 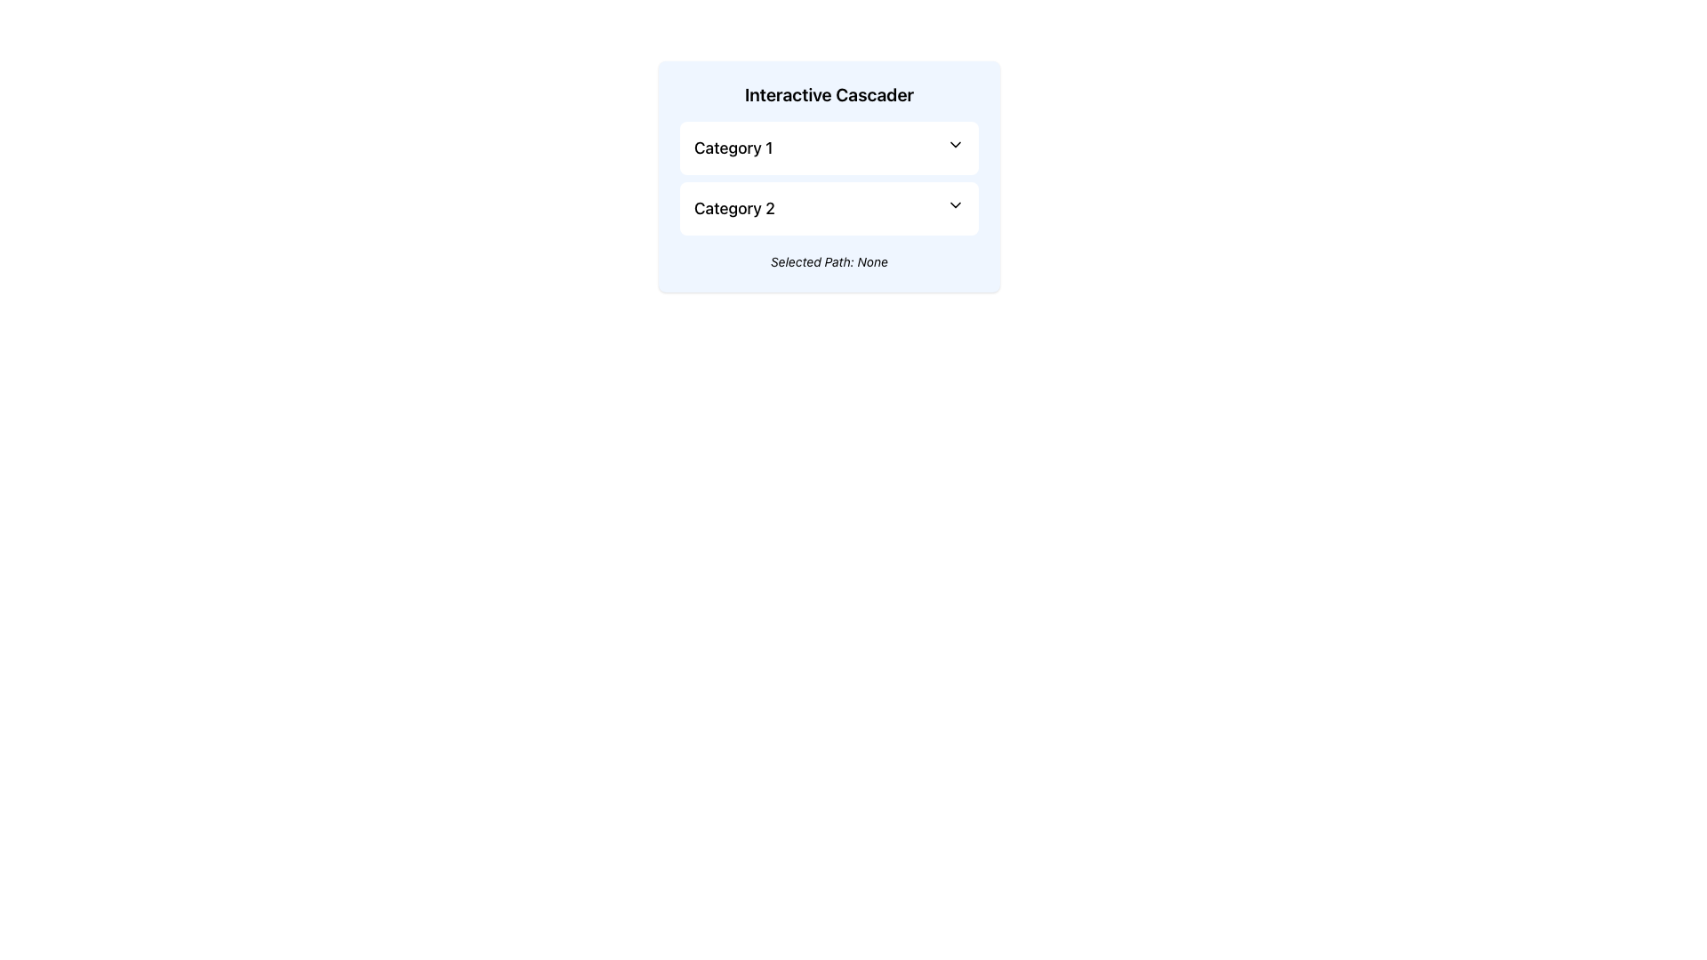 I want to click on the dropdown menu group located in the 'Interactive Cascader' panel, so click(x=828, y=178).